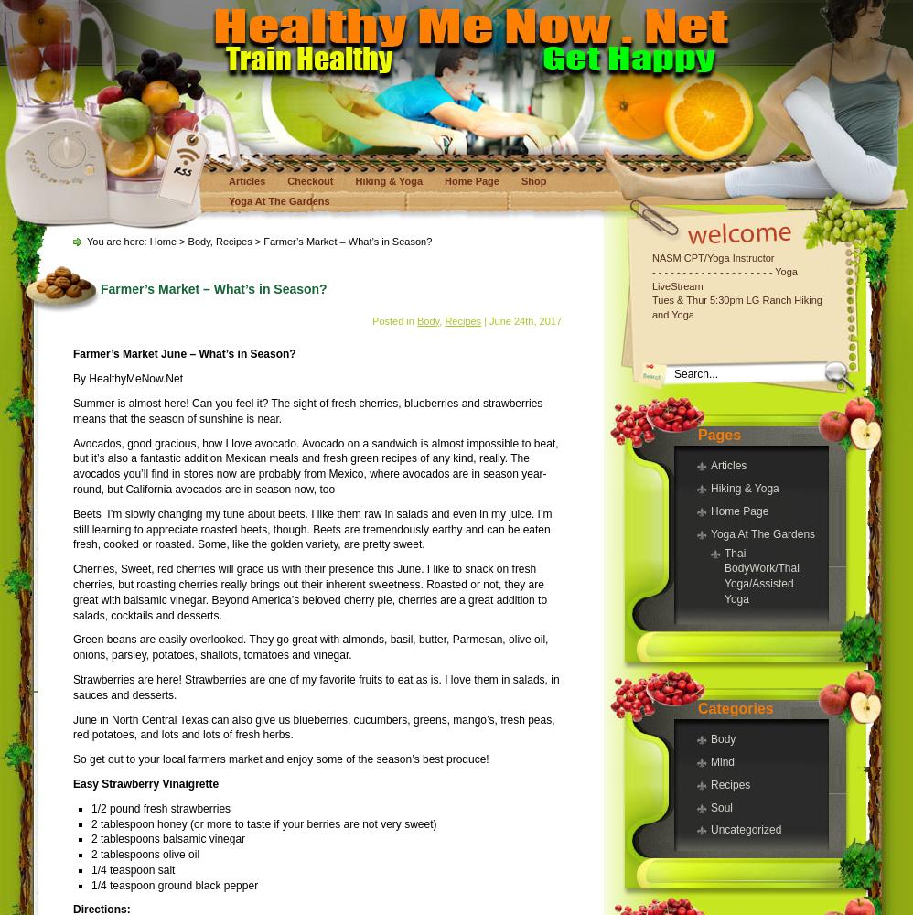  I want to click on 'Home', so click(162, 242).